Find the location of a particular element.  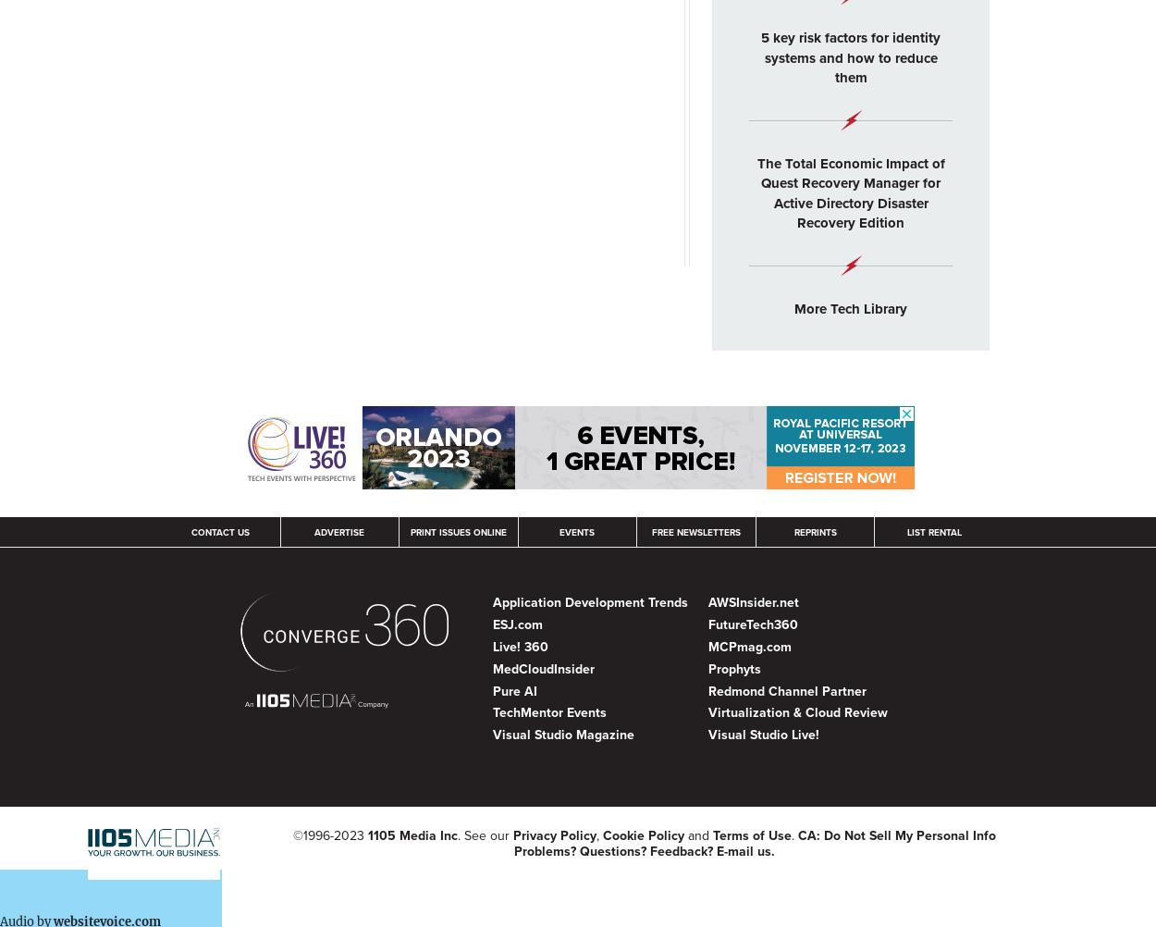

'5 key risk factors for identity systems and how to reduce them' is located at coordinates (851, 57).